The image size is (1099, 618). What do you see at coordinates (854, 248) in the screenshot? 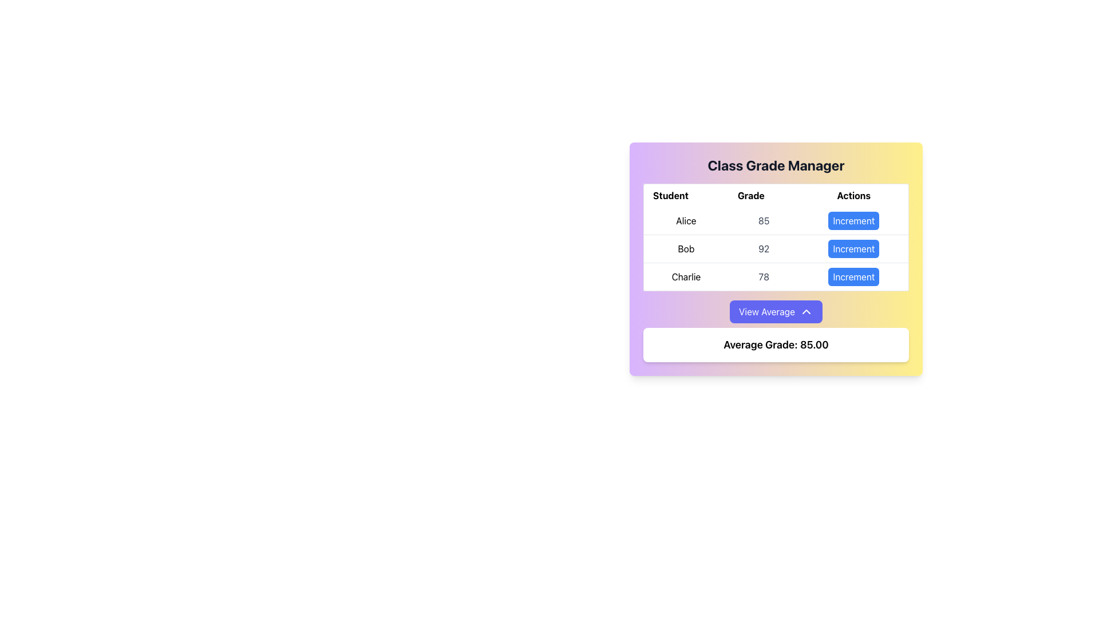
I see `the bold blue 'Increment' button with white text located in the 'Actions' column of the table row for 'Bob' with a grade of 92` at bounding box center [854, 248].